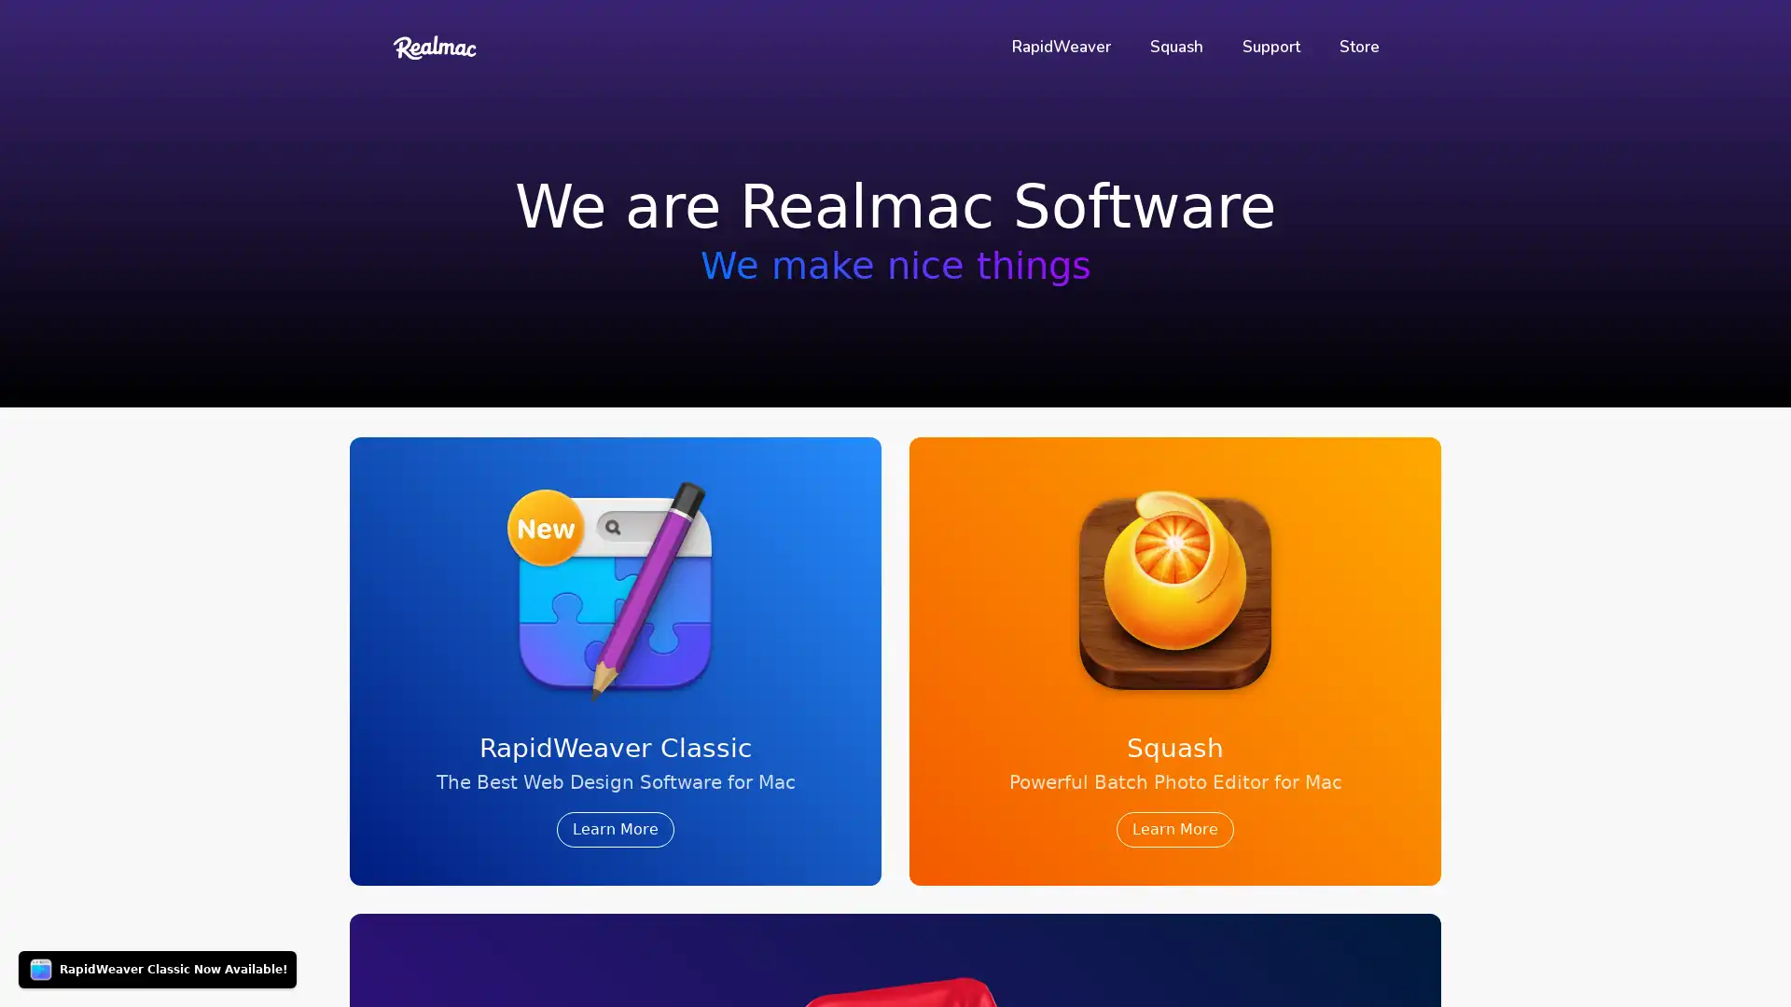 The image size is (1791, 1007). Describe the element at coordinates (616, 829) in the screenshot. I see `Learn More` at that location.